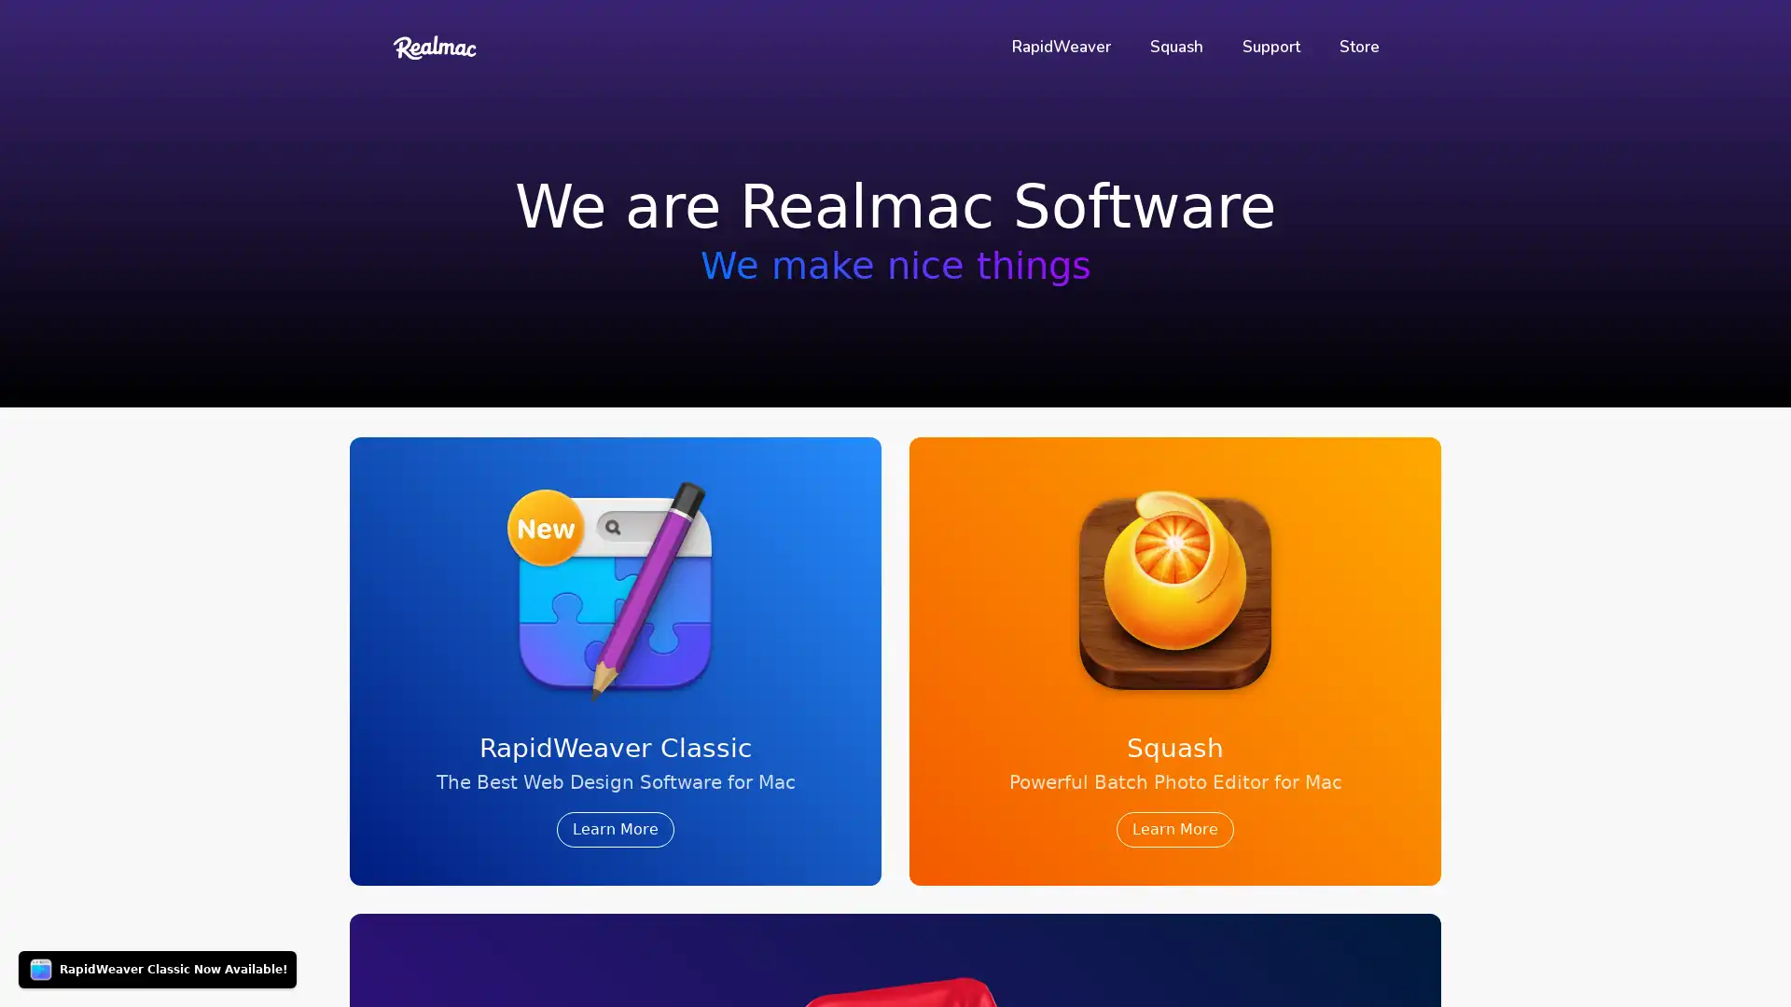 The image size is (1791, 1007). Describe the element at coordinates (616, 829) in the screenshot. I see `Learn More` at that location.